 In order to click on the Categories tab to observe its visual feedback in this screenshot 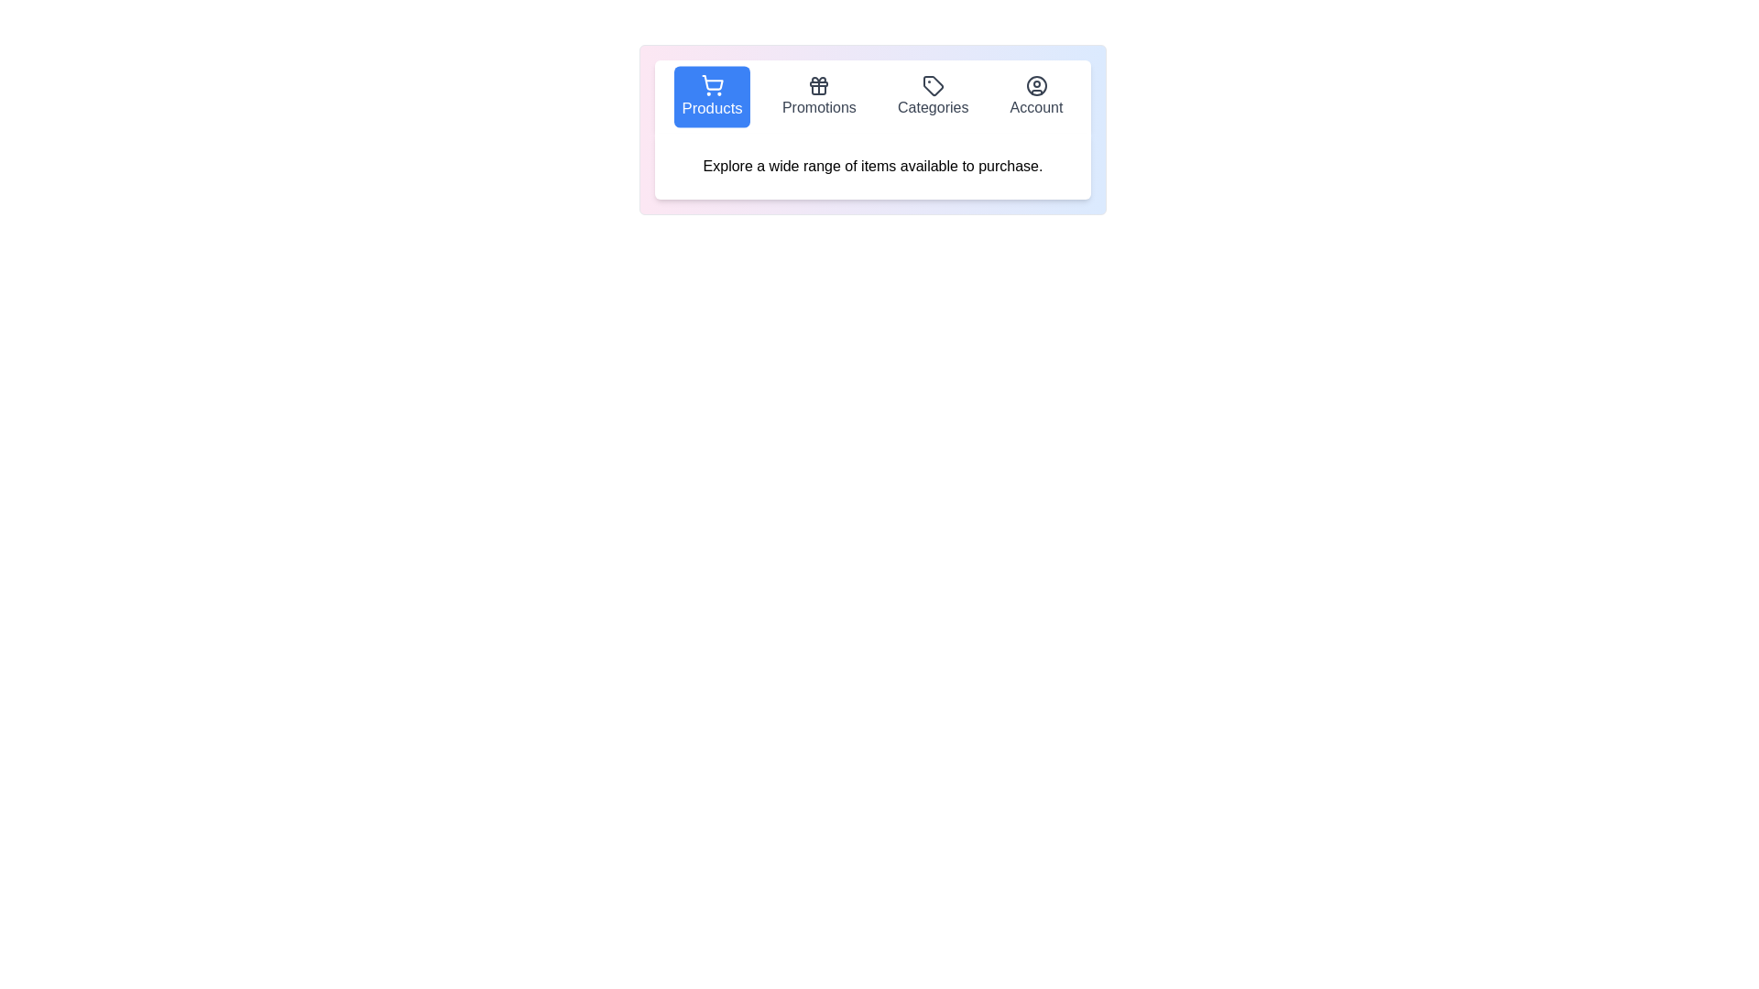, I will do `click(933, 96)`.